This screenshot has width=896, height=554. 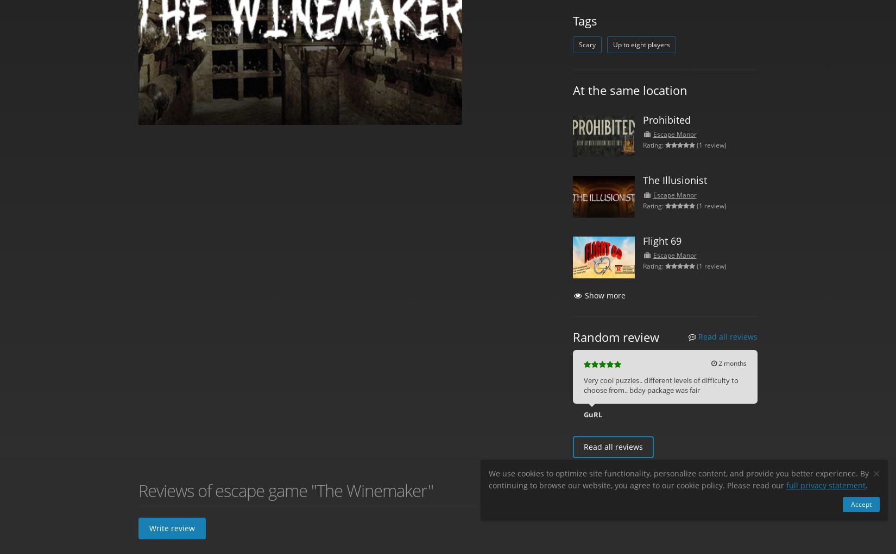 I want to click on 'Accept', so click(x=860, y=504).